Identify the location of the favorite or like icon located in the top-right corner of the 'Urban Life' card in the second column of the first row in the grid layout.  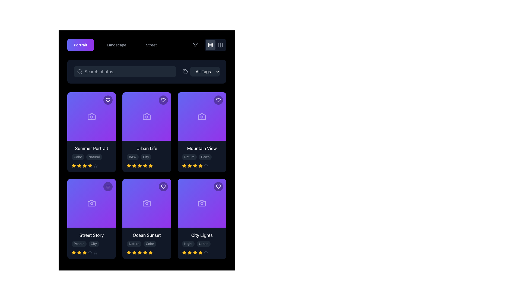
(163, 100).